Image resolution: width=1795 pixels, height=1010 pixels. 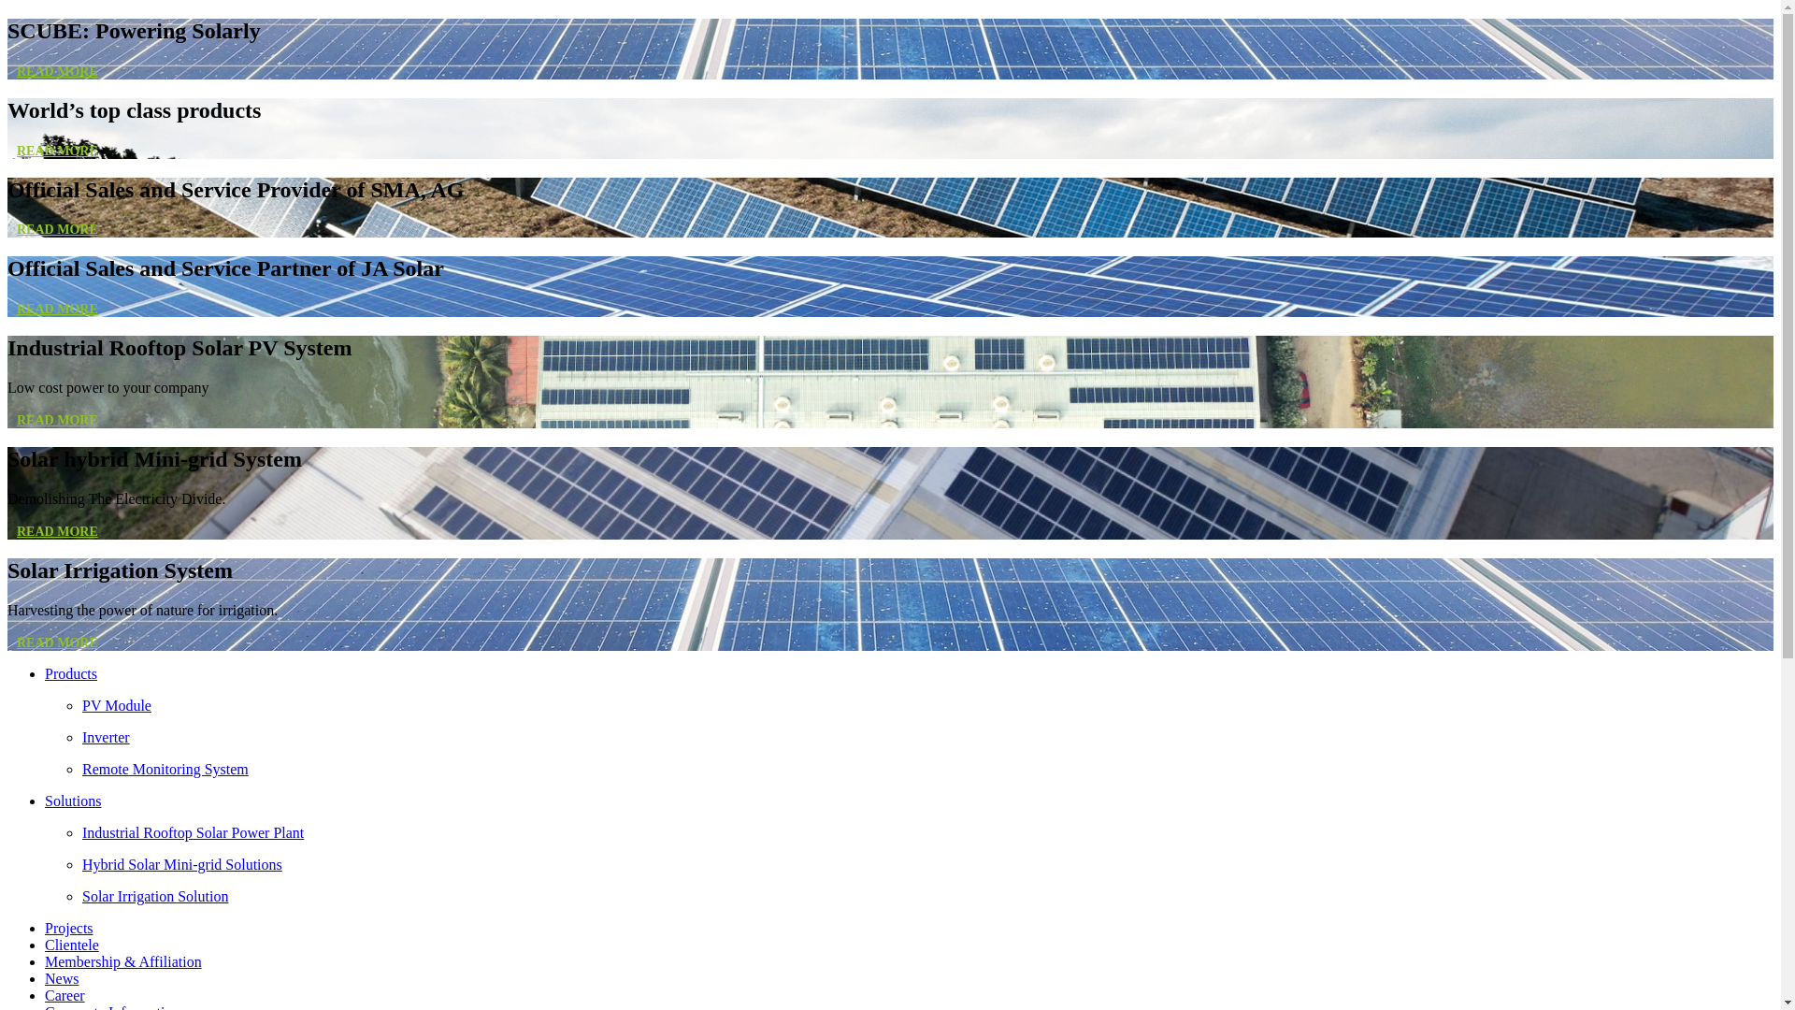 I want to click on 'READ MORE', so click(x=7, y=308).